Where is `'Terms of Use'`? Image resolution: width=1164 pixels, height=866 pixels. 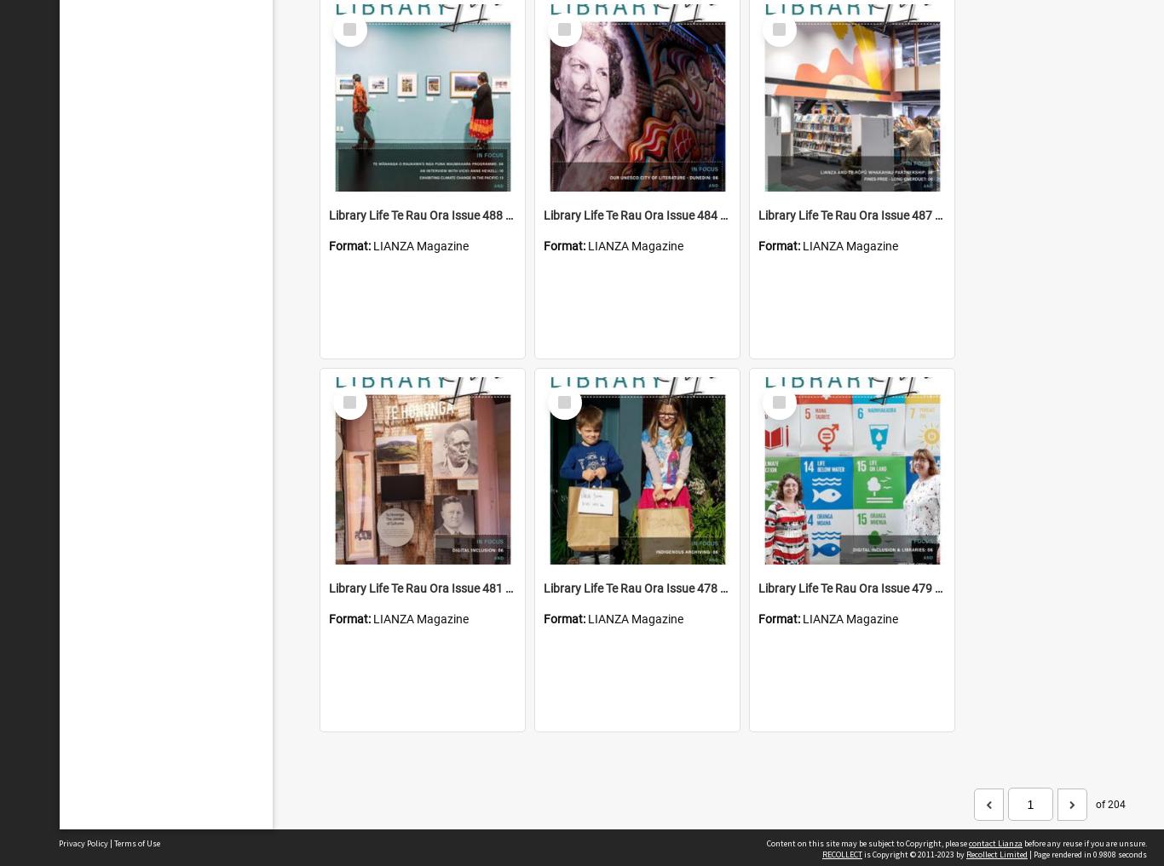
'Terms of Use' is located at coordinates (113, 843).